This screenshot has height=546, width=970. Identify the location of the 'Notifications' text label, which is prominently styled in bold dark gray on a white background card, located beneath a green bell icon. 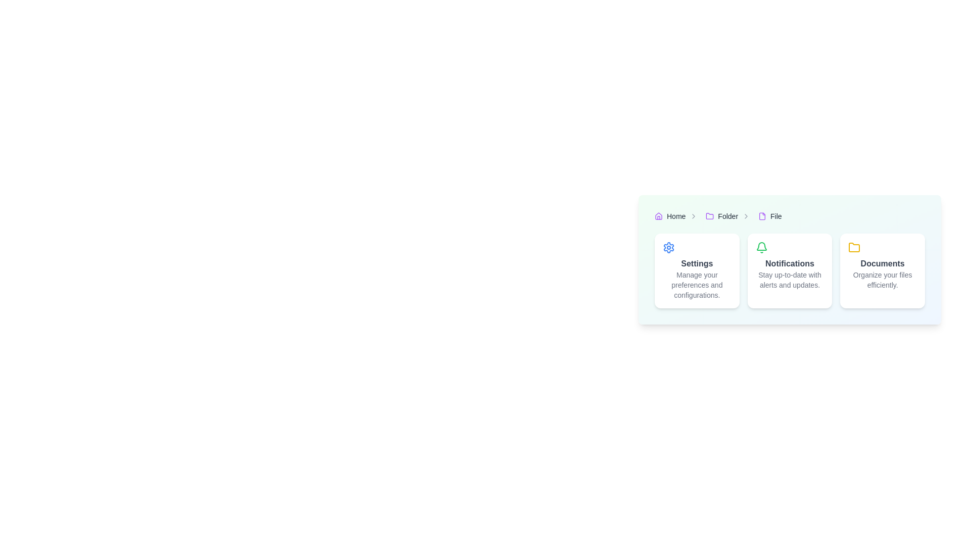
(789, 263).